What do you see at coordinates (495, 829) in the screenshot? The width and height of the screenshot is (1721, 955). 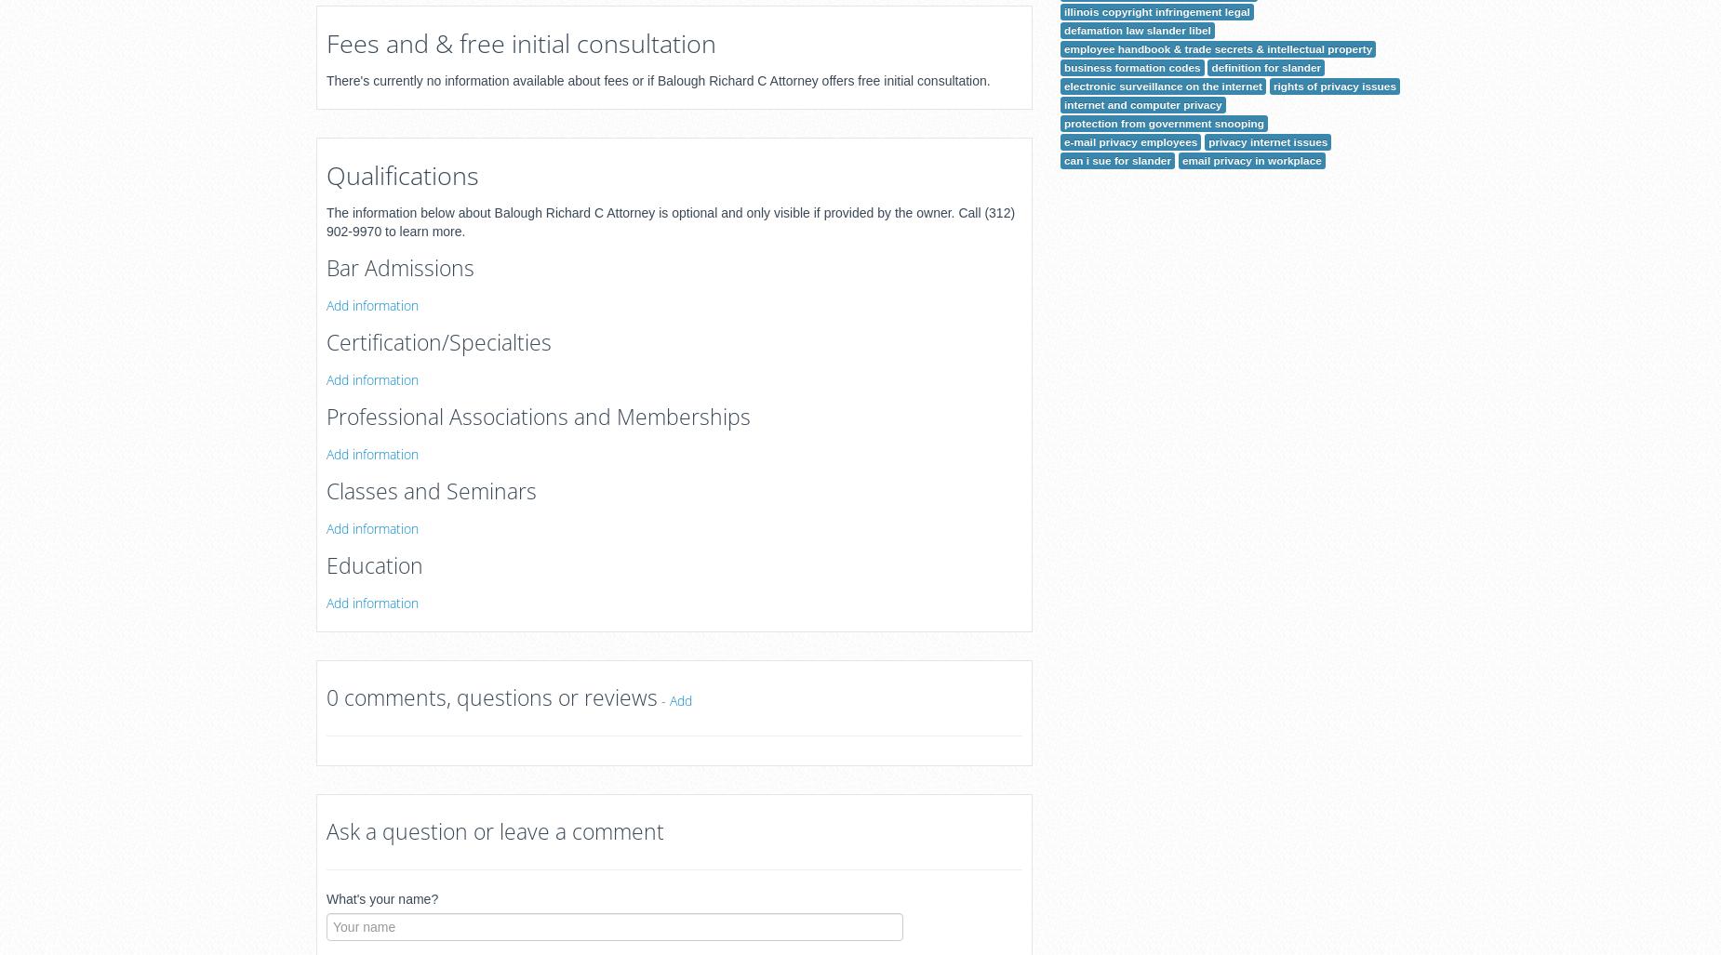 I see `'Ask a question or leave a comment'` at bounding box center [495, 829].